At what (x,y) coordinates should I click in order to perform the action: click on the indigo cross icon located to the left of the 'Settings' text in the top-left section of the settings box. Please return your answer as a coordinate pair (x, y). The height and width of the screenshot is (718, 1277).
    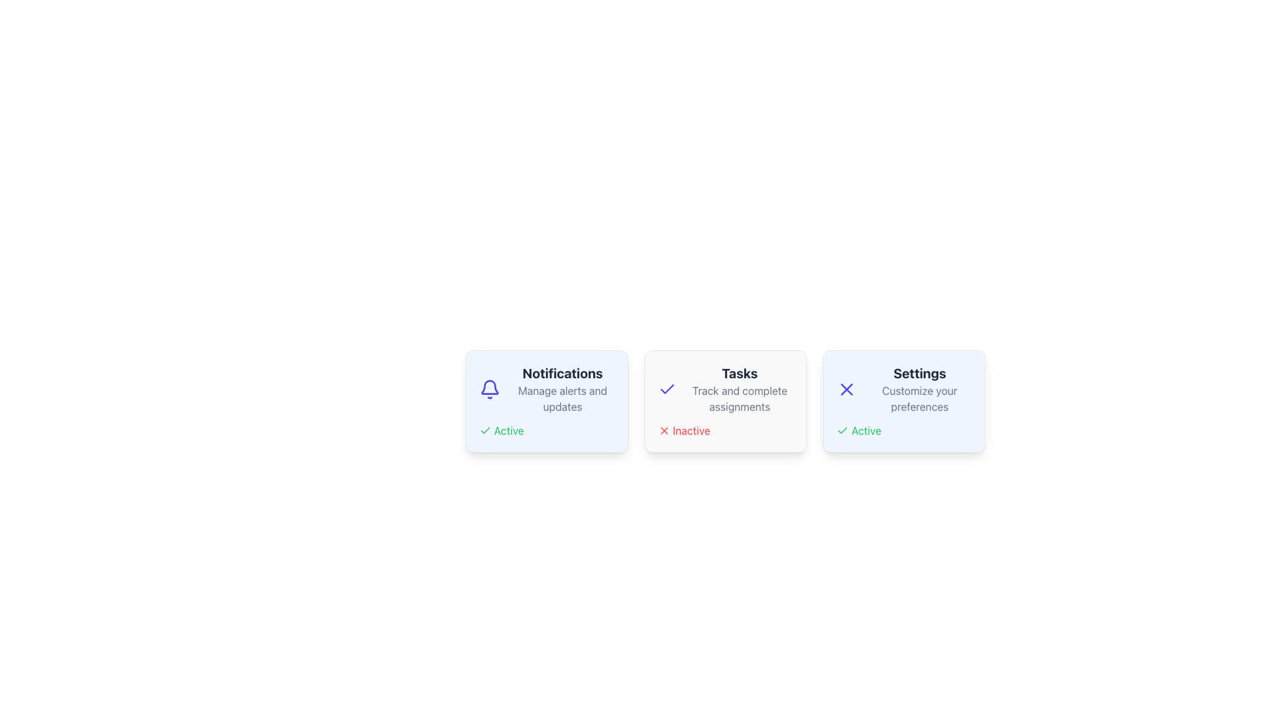
    Looking at the image, I should click on (846, 389).